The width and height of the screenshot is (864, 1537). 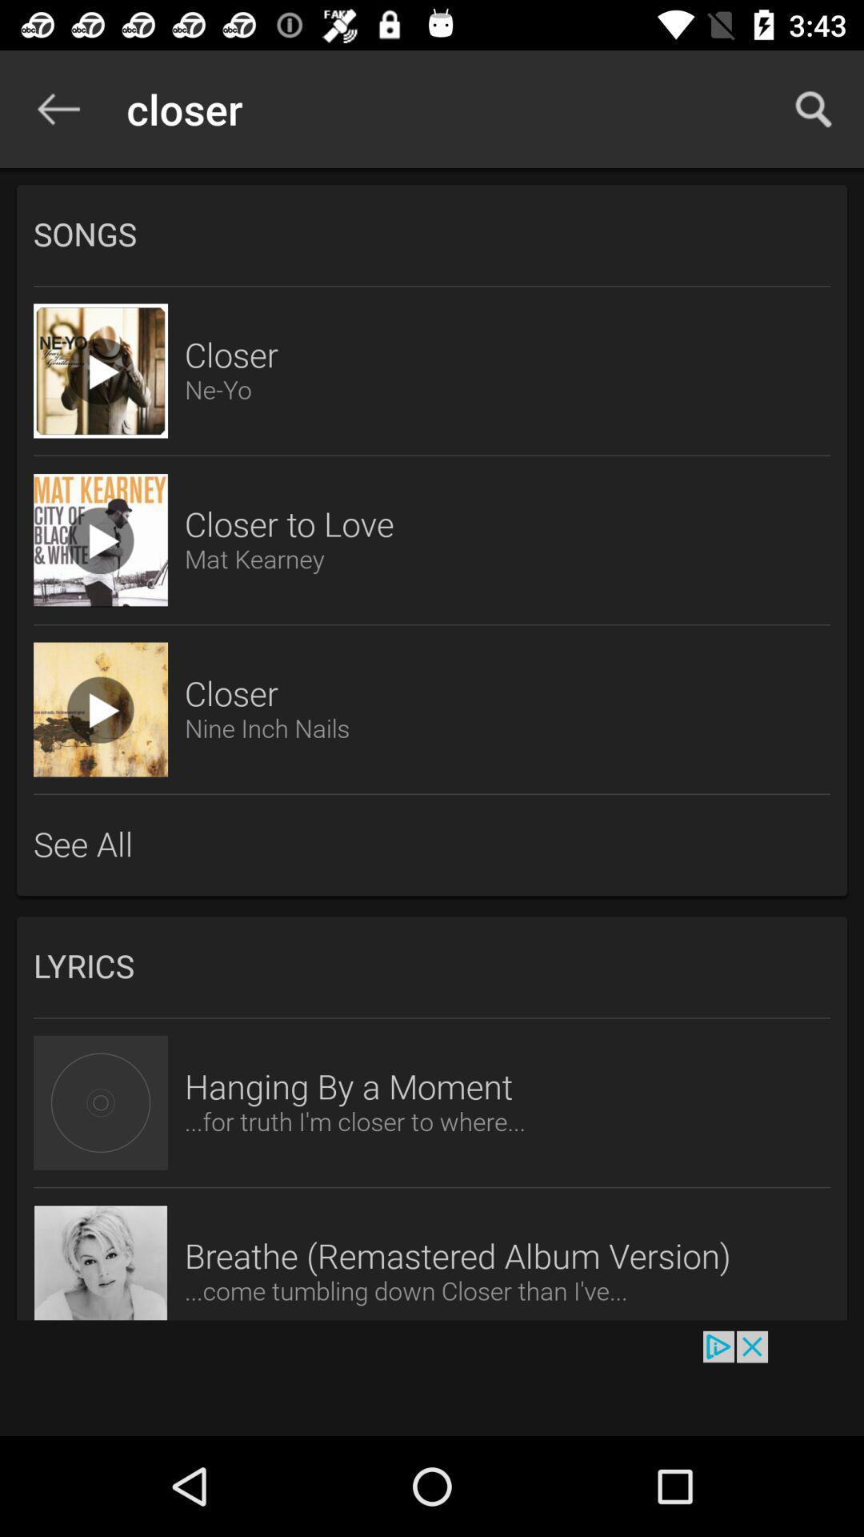 What do you see at coordinates (814, 108) in the screenshot?
I see `the item above the songs icon` at bounding box center [814, 108].